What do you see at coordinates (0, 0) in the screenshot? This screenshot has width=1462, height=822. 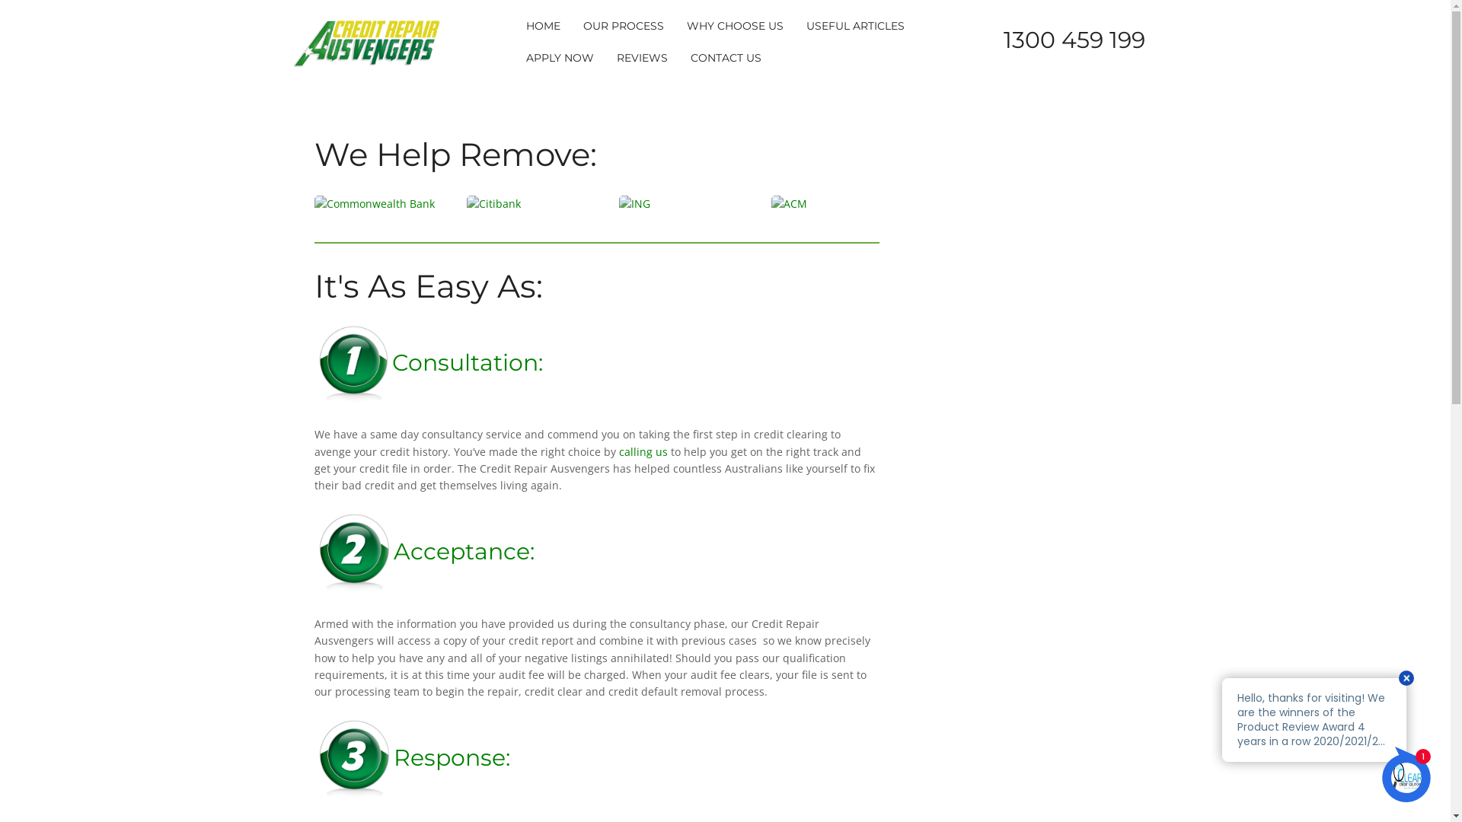 I see `'Skip to content'` at bounding box center [0, 0].